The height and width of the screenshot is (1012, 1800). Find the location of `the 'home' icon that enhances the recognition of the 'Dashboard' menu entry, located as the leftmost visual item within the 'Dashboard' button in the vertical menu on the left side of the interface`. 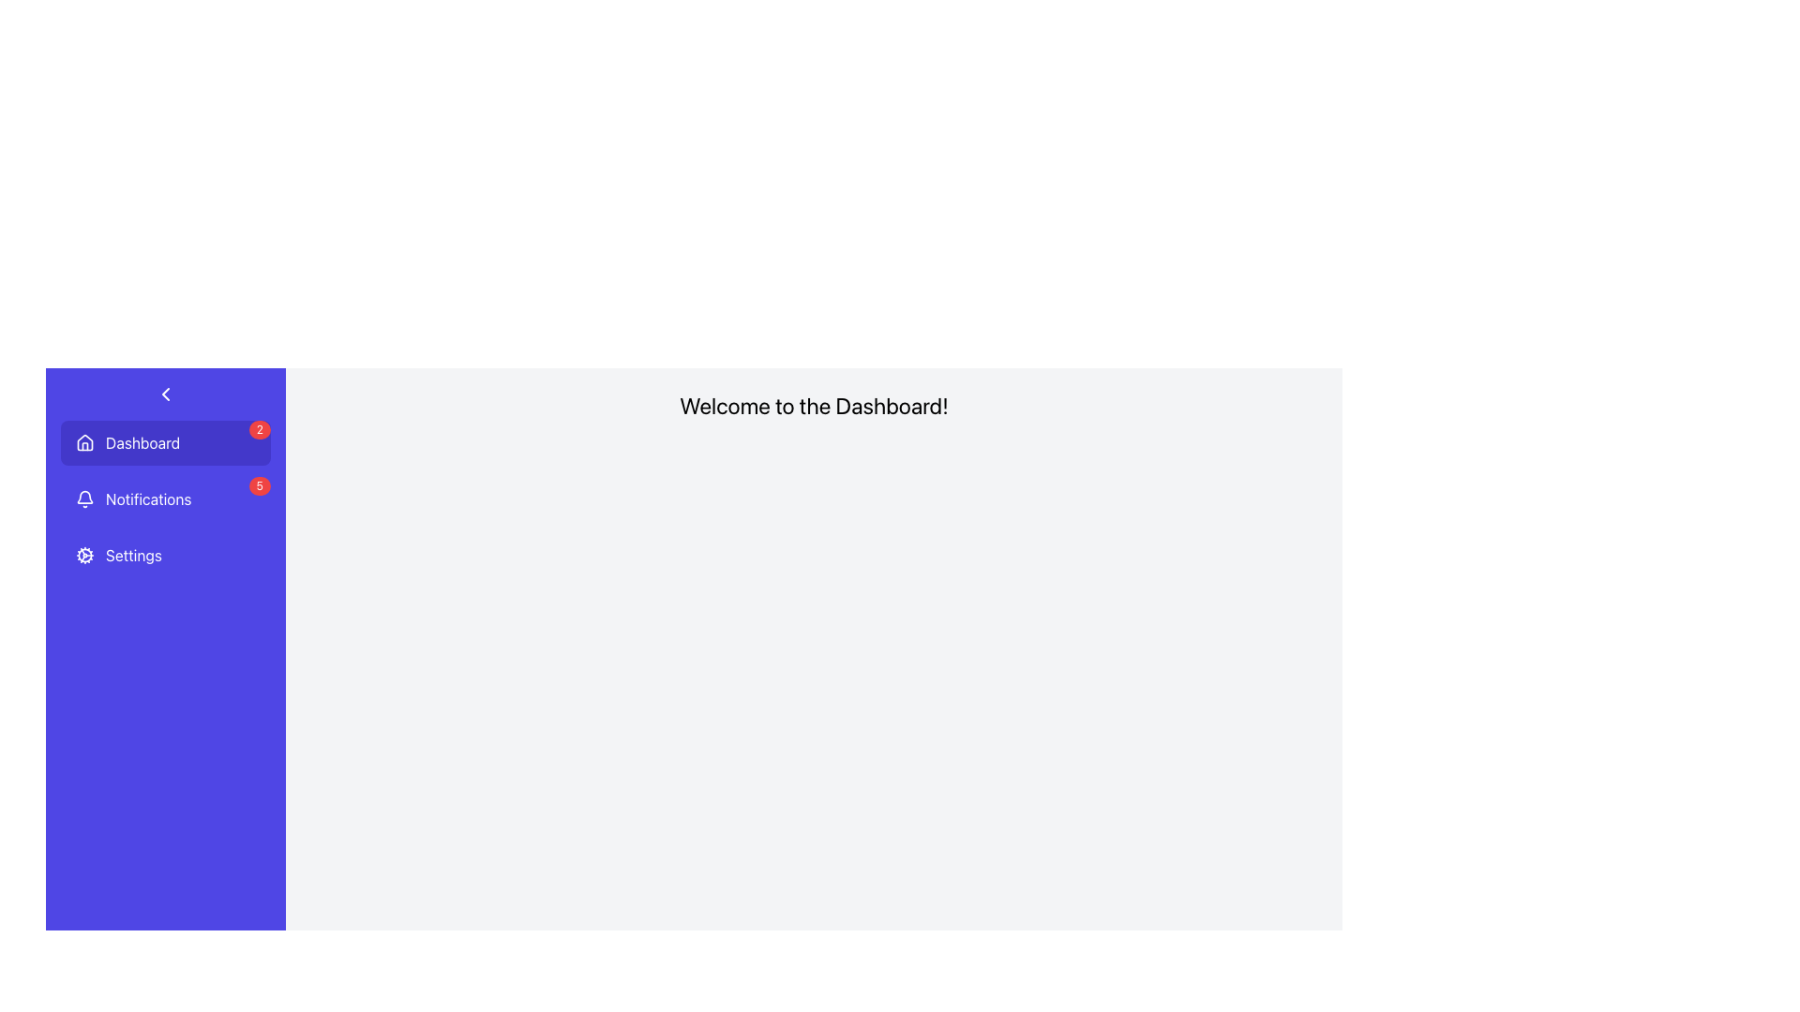

the 'home' icon that enhances the recognition of the 'Dashboard' menu entry, located as the leftmost visual item within the 'Dashboard' button in the vertical menu on the left side of the interface is located at coordinates (84, 443).